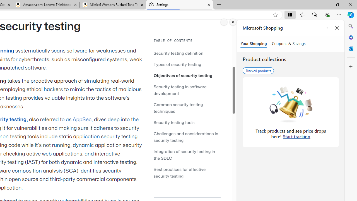 This screenshot has width=357, height=201. I want to click on 'Security testing definition', so click(178, 53).